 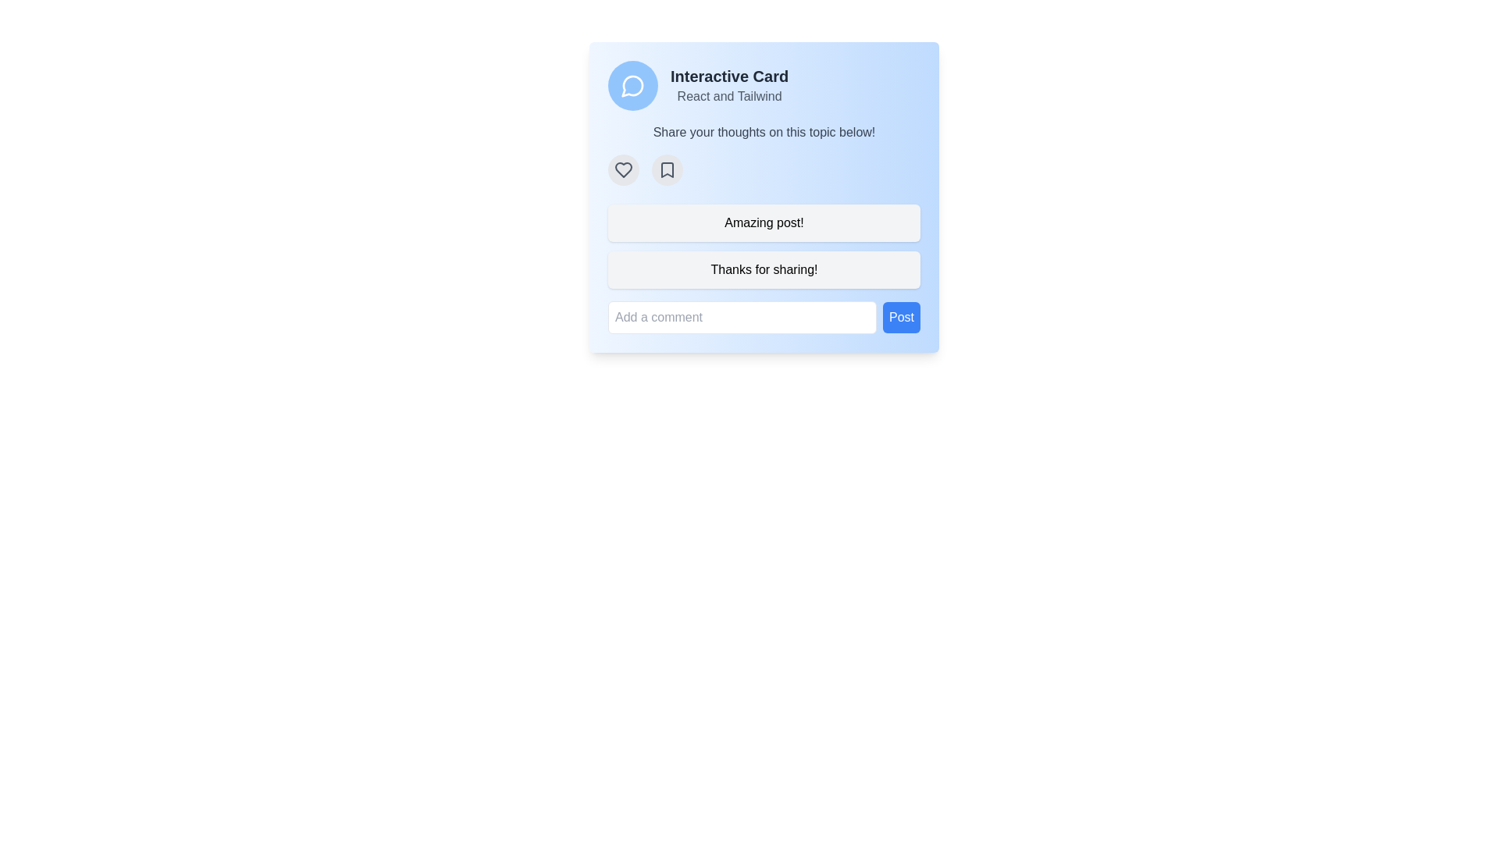 What do you see at coordinates (764, 222) in the screenshot?
I see `the Text display box that presents a message or content, located in the middle section of the interface, directly above the element containing 'Thanks for sharing!'` at bounding box center [764, 222].